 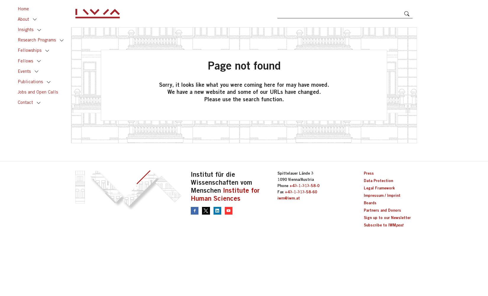 I want to click on 'Fellows', so click(x=25, y=60).